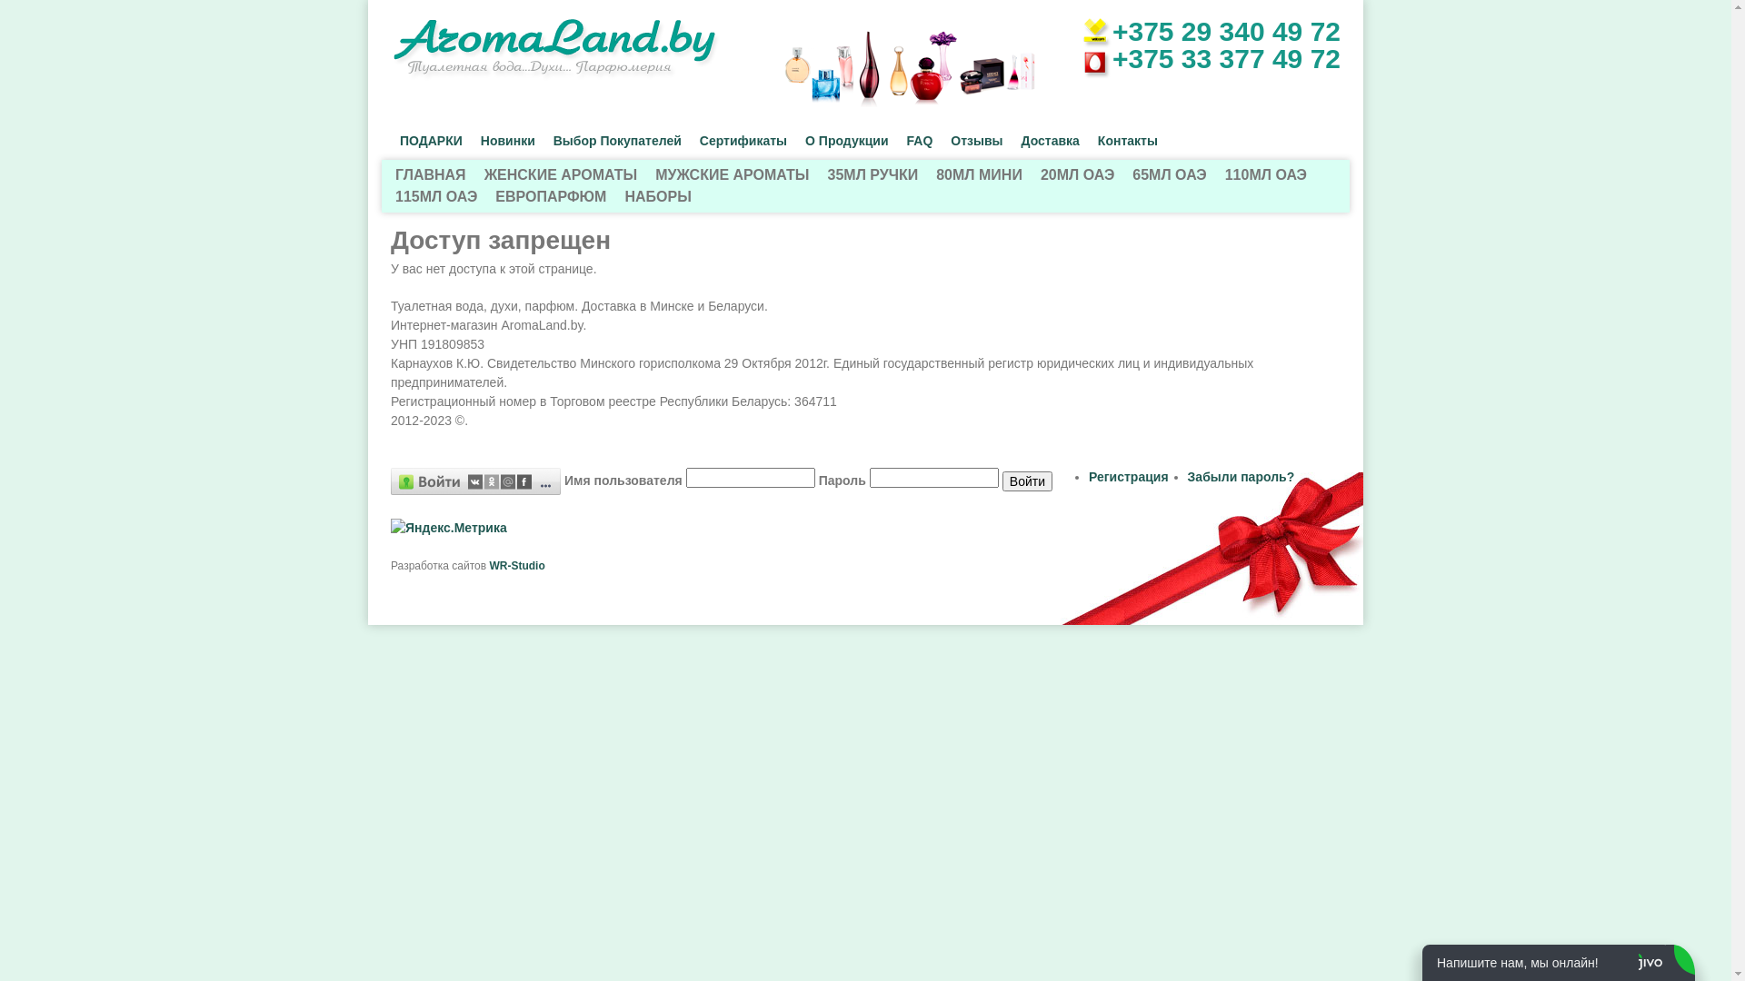 The image size is (1745, 981). I want to click on '+375 29 340 49 72', so click(1226, 31).